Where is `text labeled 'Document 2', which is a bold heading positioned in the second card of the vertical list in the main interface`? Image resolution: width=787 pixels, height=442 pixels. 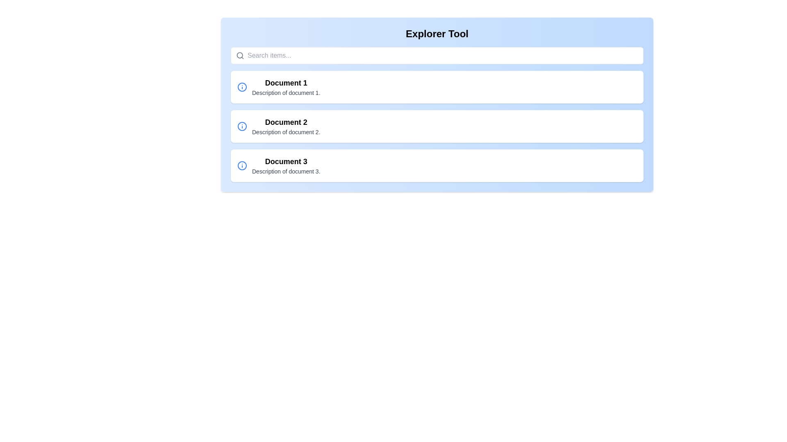
text labeled 'Document 2', which is a bold heading positioned in the second card of the vertical list in the main interface is located at coordinates (286, 122).